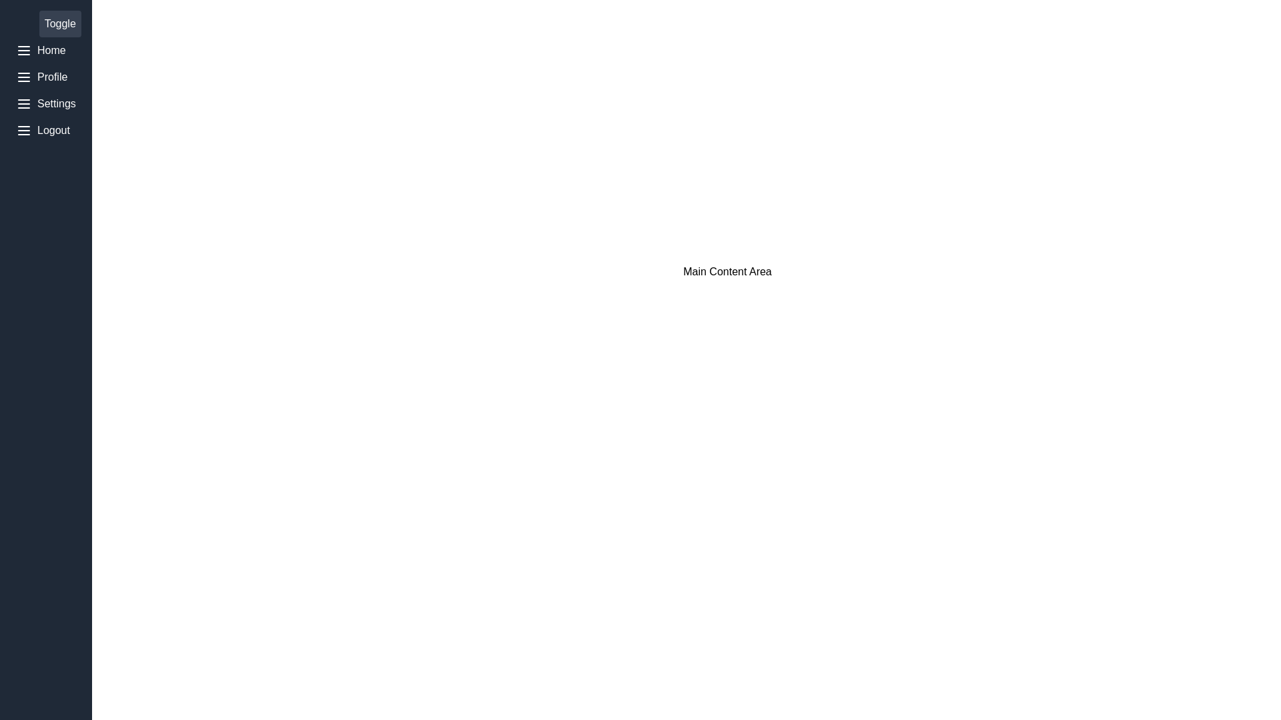 This screenshot has height=720, width=1281. I want to click on the menu item Home to inspect its icon, so click(45, 50).